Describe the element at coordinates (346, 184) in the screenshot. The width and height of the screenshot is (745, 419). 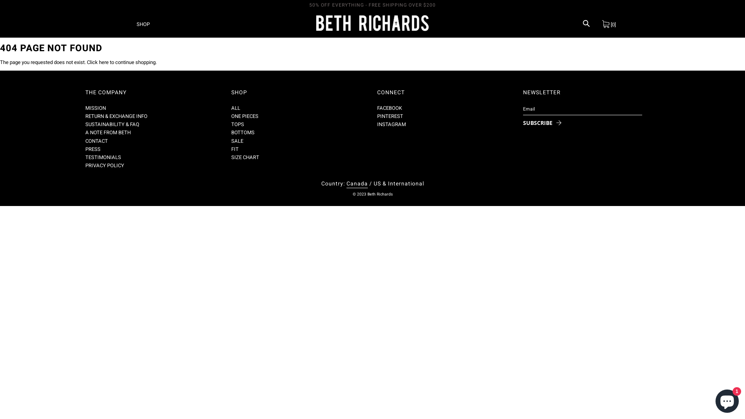
I see `'Canada'` at that location.